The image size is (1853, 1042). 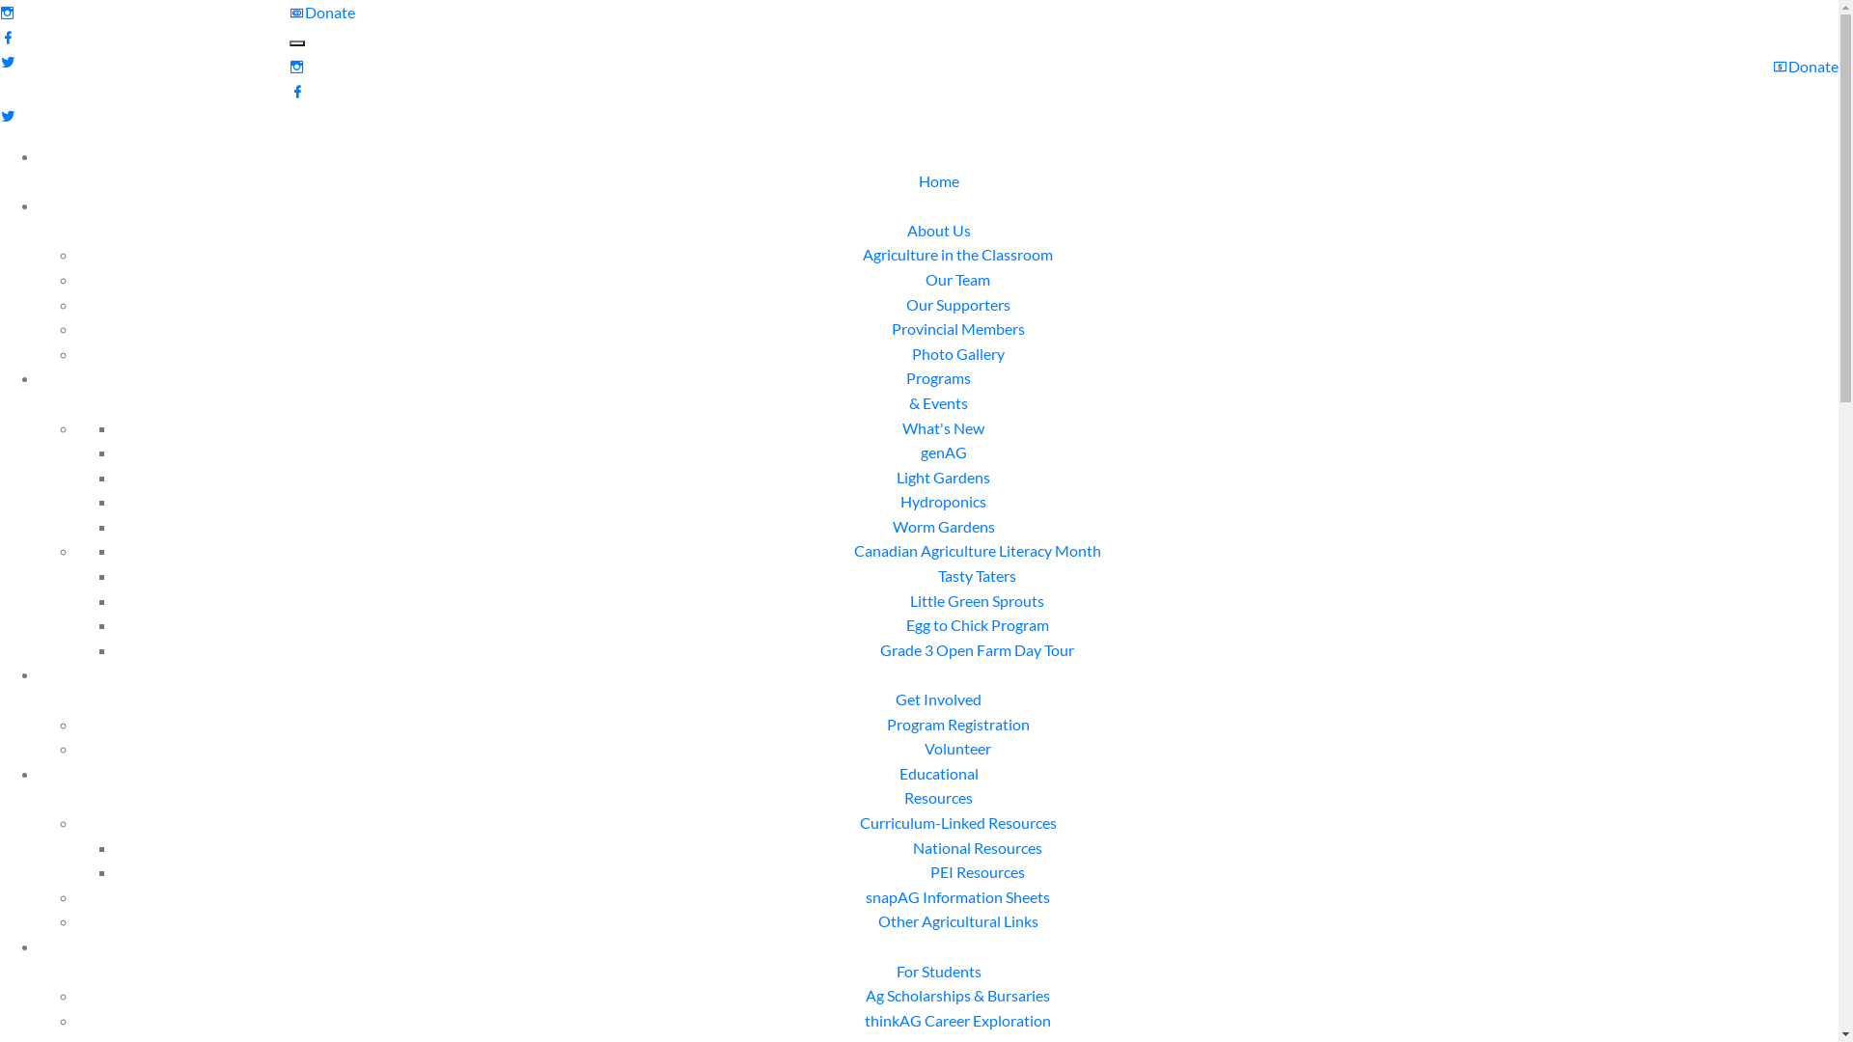 I want to click on 'Other Agricultural Links', so click(x=958, y=919).